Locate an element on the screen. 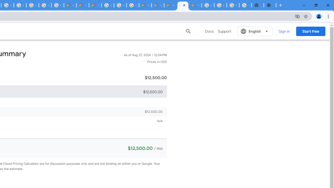  'New Tab' is located at coordinates (270, 5).